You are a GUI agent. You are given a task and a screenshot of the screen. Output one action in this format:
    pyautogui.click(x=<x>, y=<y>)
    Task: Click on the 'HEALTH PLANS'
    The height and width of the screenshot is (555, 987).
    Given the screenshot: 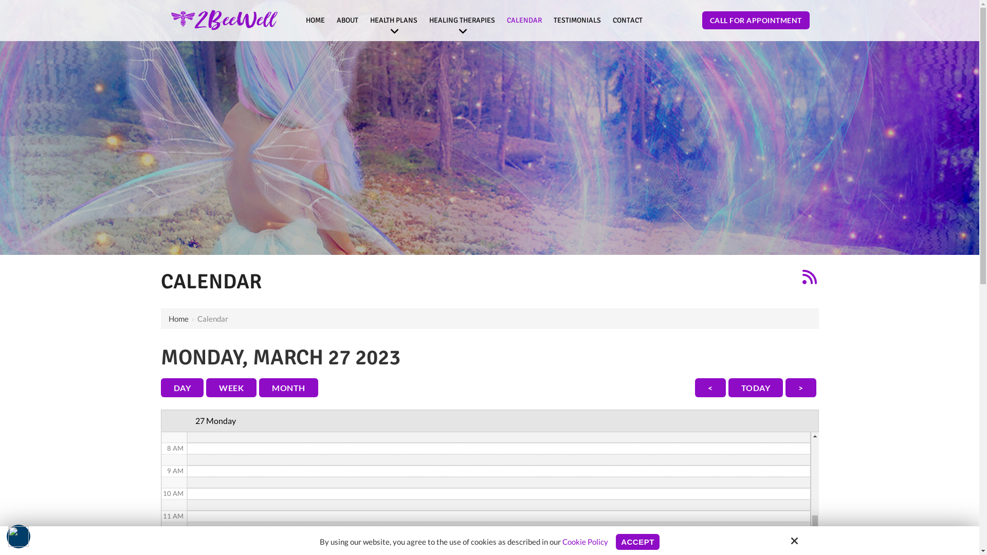 What is the action you would take?
    pyautogui.click(x=393, y=20)
    